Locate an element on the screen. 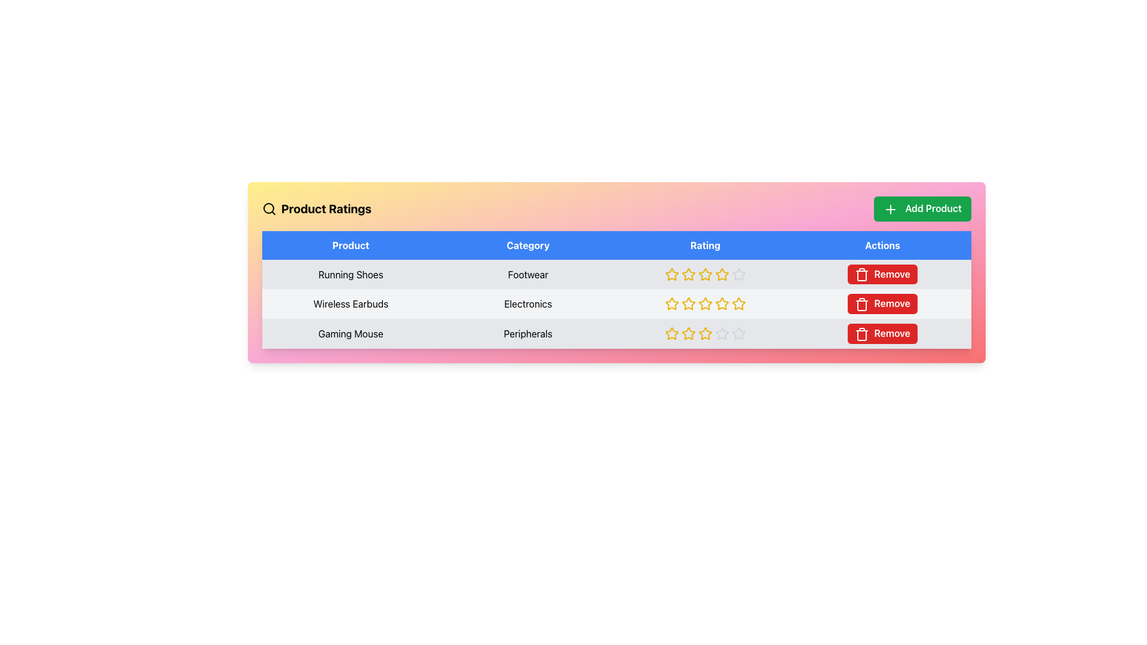 The image size is (1147, 645). the third yellow star icon in the rating row under the 'Rating' column for the 'Footwear' category to rate it is located at coordinates (705, 274).